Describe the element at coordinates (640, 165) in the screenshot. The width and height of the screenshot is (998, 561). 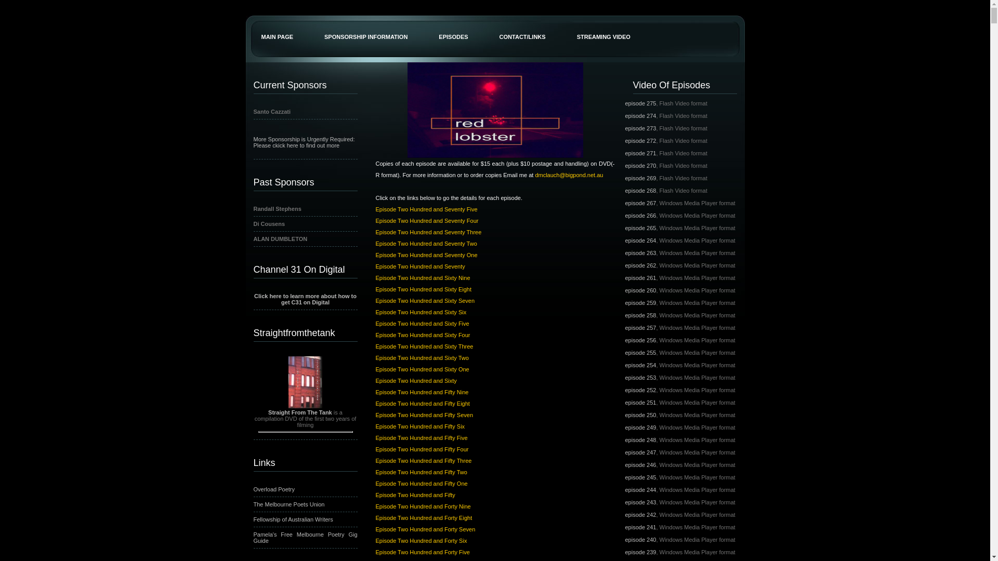
I see `'episode 270'` at that location.